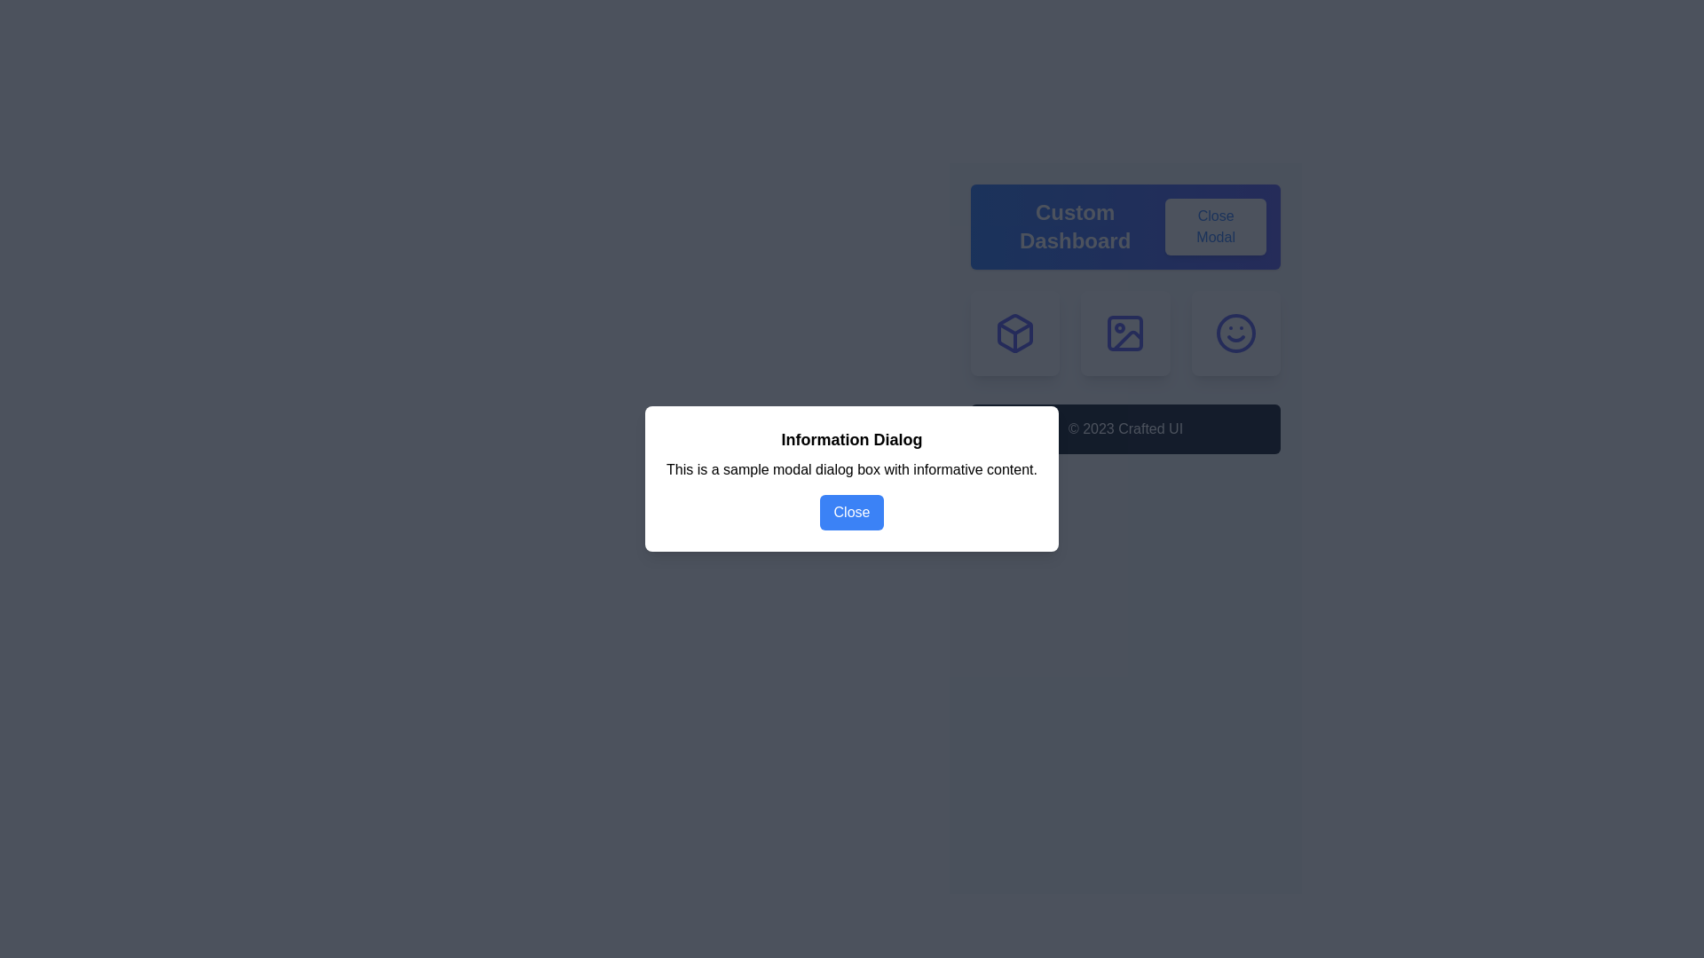 Image resolution: width=1704 pixels, height=958 pixels. Describe the element at coordinates (1124, 428) in the screenshot. I see `the footer informational text block displaying copyright information for the Crafted UI application, which is the last visible element in the interface` at that location.